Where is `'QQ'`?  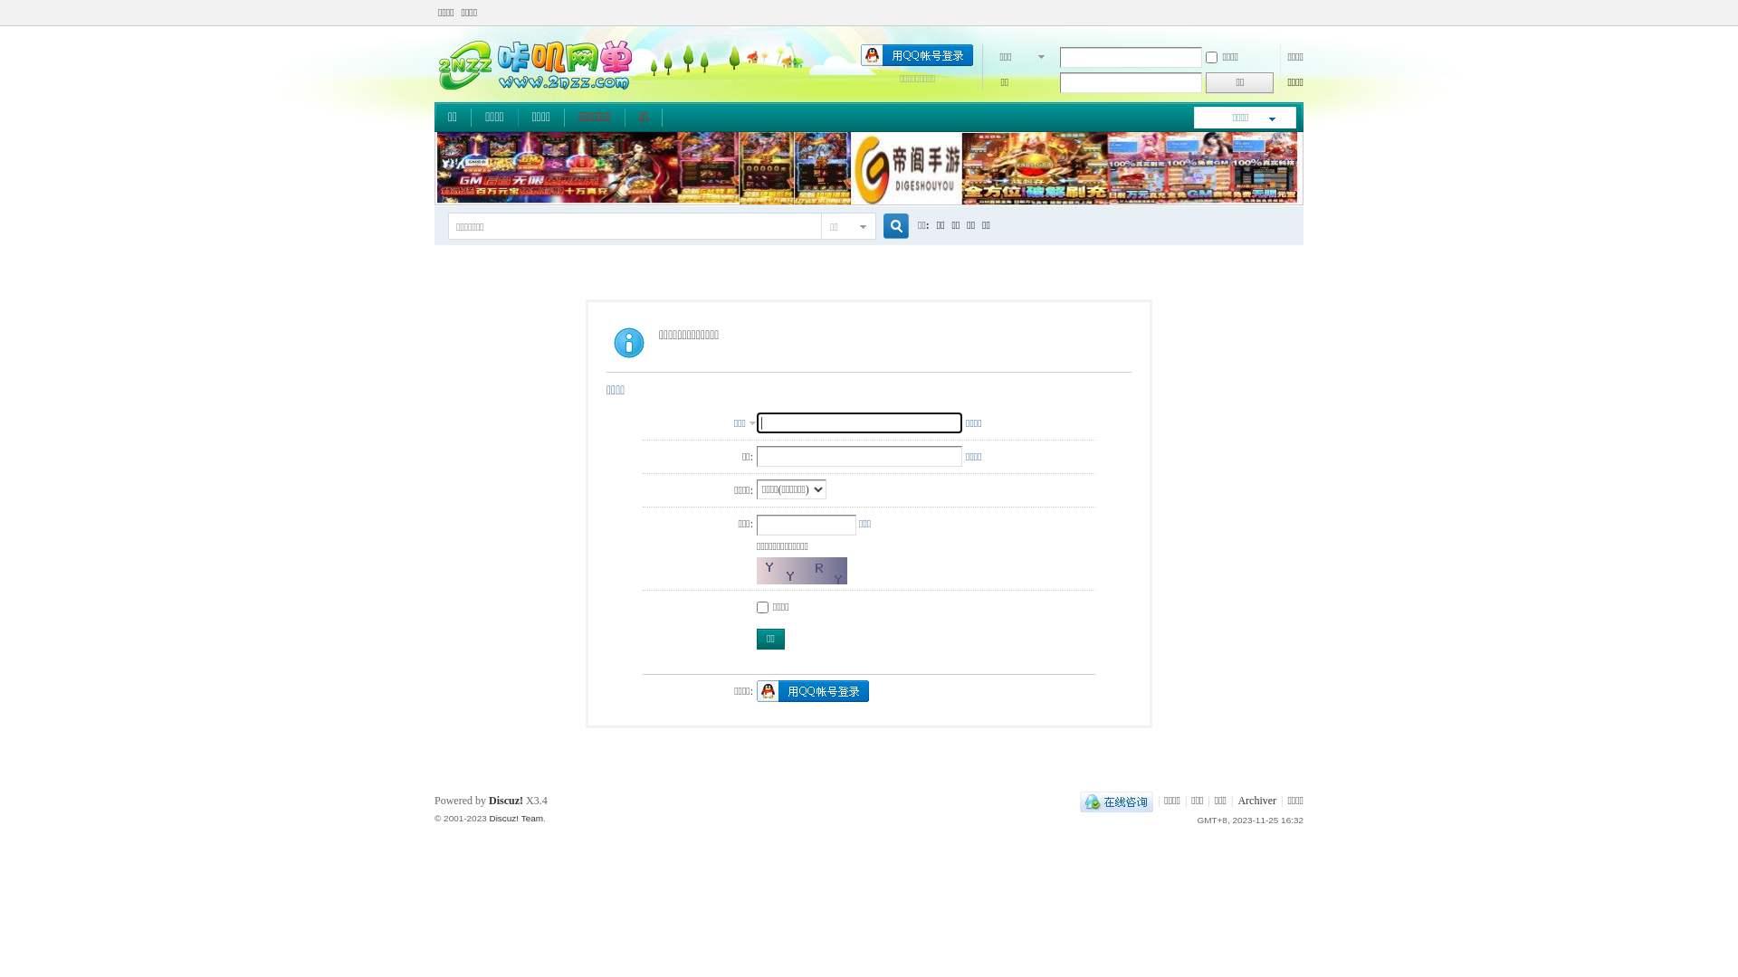 'QQ' is located at coordinates (1115, 799).